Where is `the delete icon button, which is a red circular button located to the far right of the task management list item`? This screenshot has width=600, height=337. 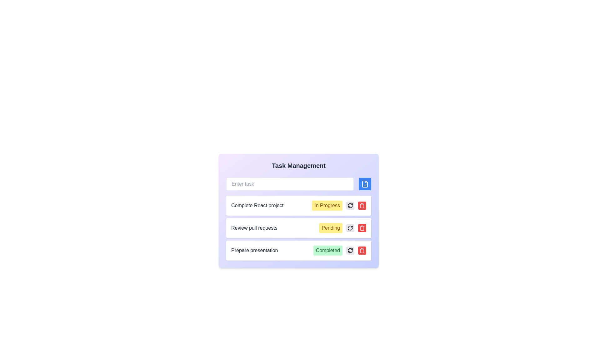
the delete icon button, which is a red circular button located to the far right of the task management list item is located at coordinates (362, 206).